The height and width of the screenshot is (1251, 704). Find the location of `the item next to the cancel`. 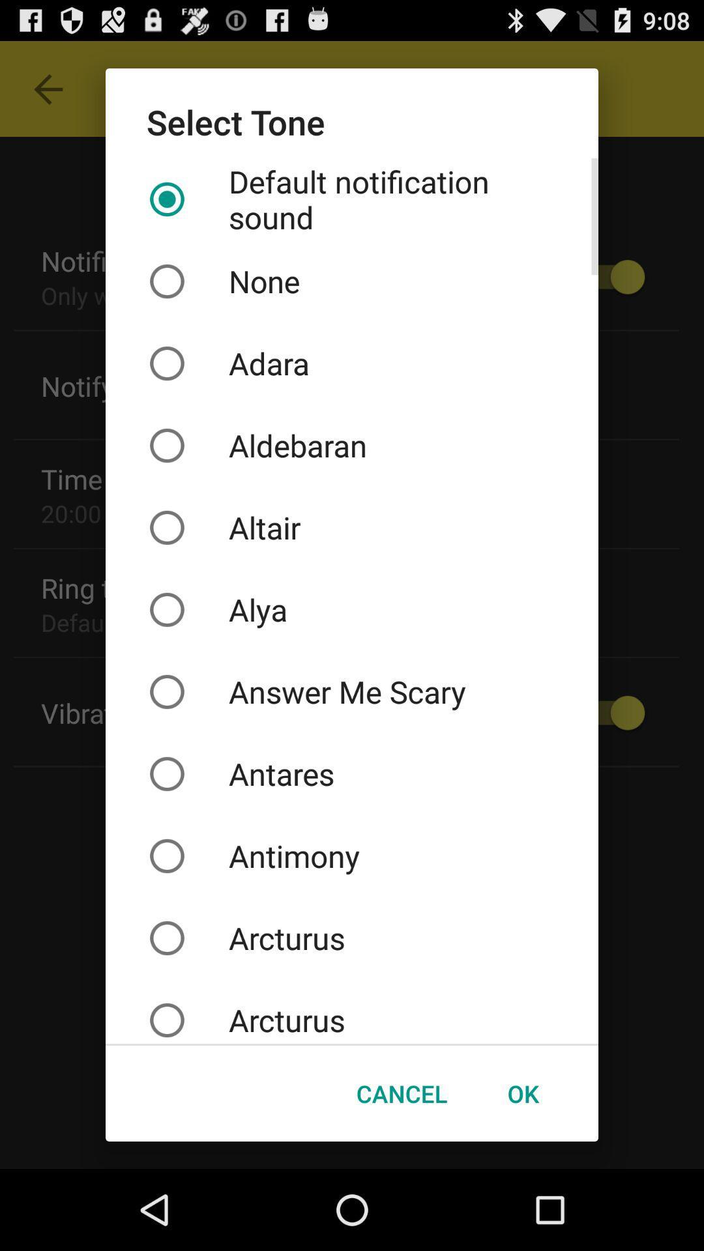

the item next to the cancel is located at coordinates (522, 1093).